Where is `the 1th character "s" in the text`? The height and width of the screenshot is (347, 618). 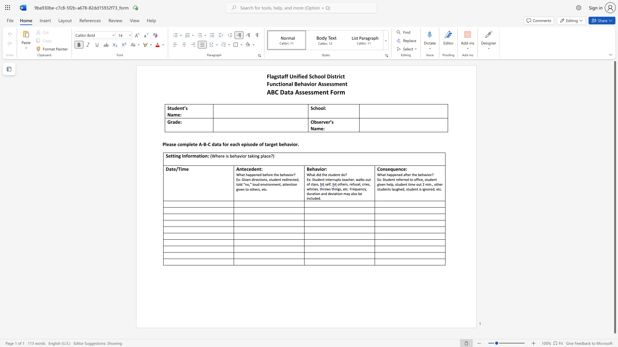
the 1th character "s" in the text is located at coordinates (300, 92).